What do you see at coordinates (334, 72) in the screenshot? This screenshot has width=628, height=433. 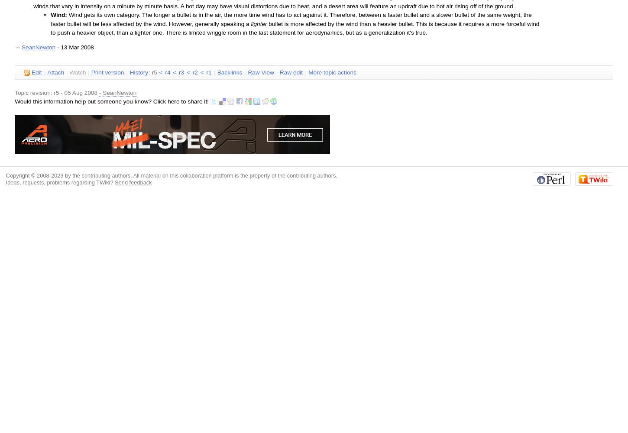 I see `'ore topic actions'` at bounding box center [334, 72].